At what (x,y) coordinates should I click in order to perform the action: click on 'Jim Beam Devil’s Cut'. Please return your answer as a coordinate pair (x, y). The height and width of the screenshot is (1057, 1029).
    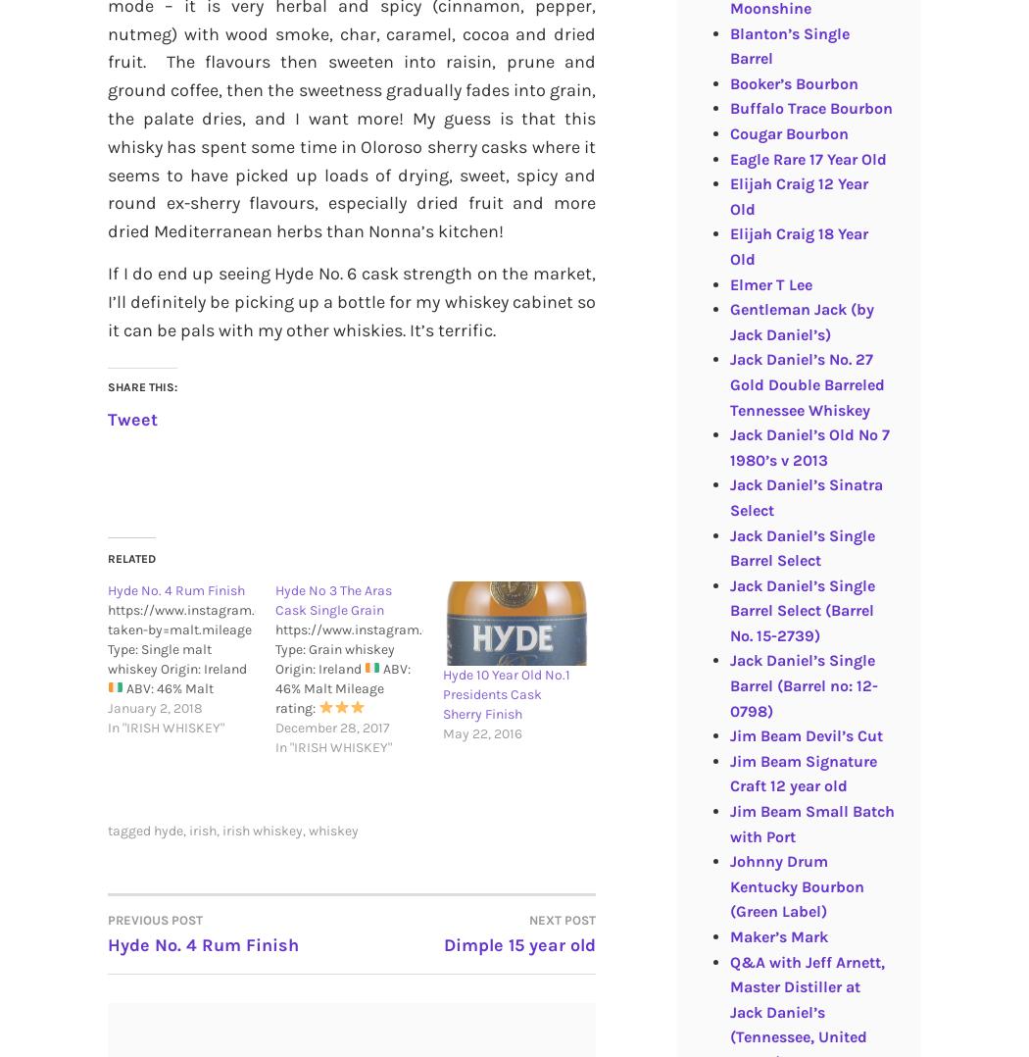
    Looking at the image, I should click on (805, 735).